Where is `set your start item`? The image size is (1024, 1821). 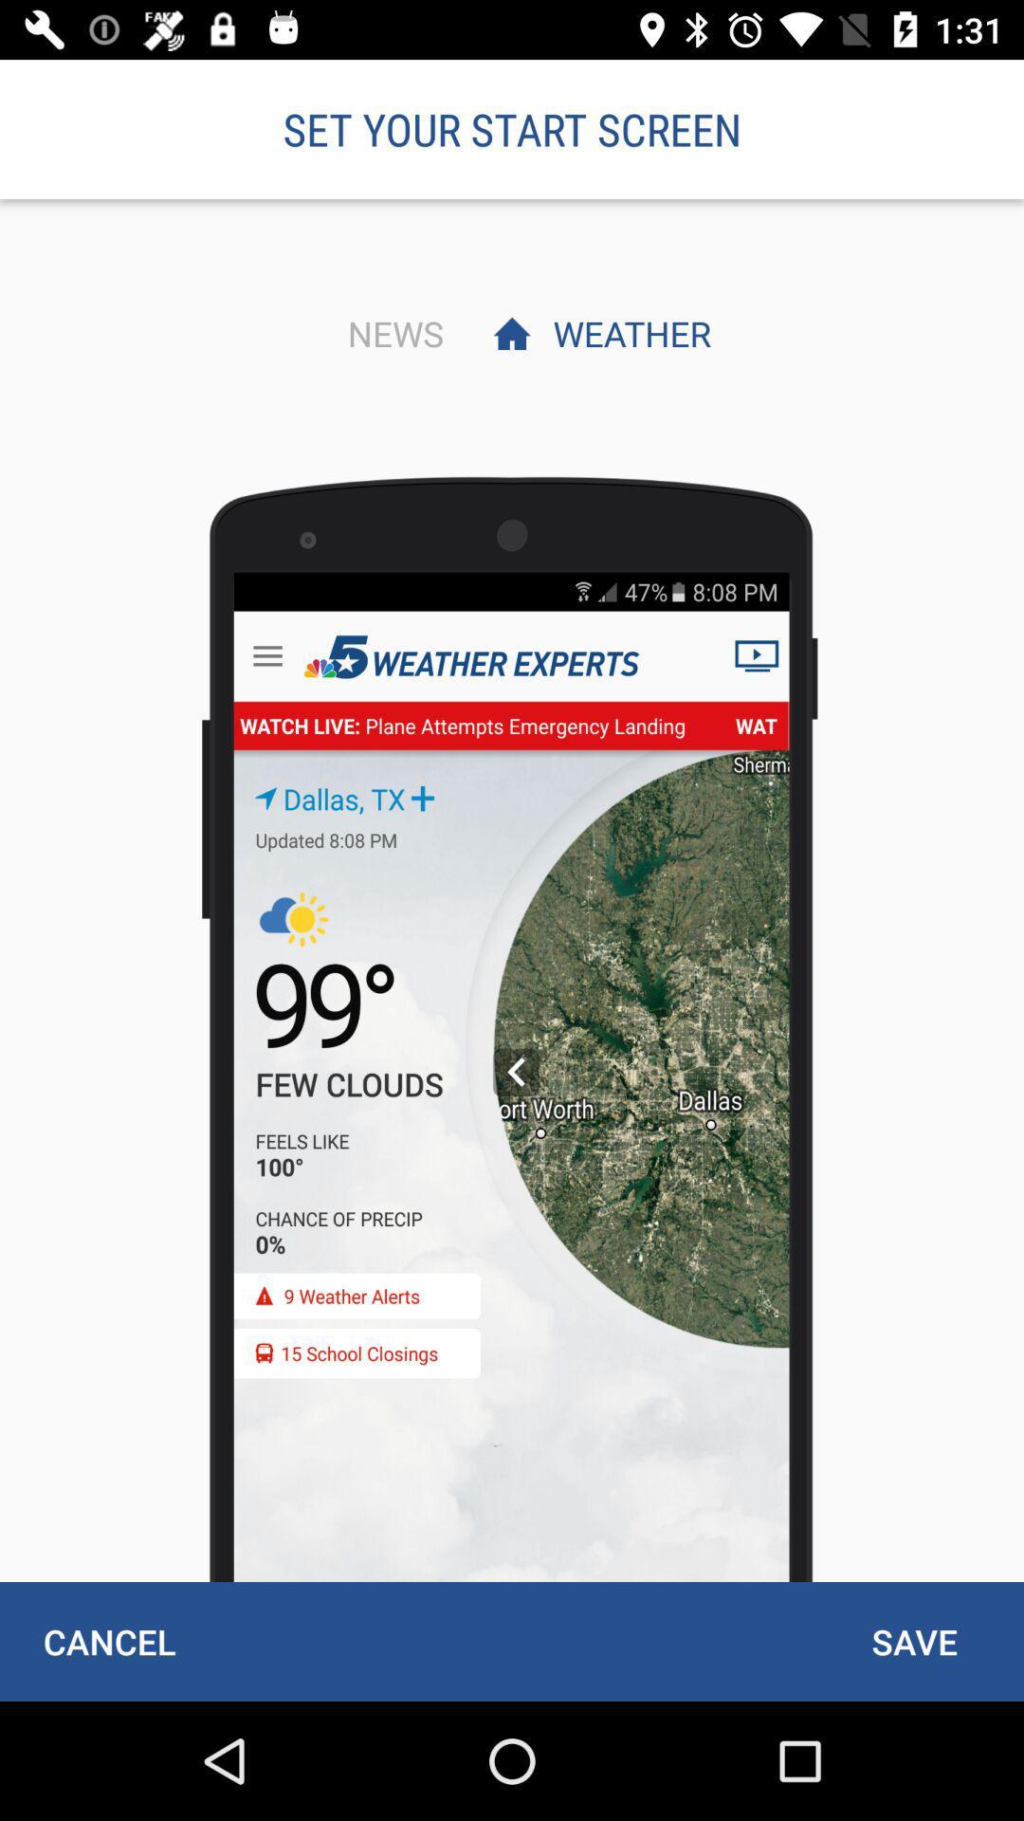 set your start item is located at coordinates (512, 128).